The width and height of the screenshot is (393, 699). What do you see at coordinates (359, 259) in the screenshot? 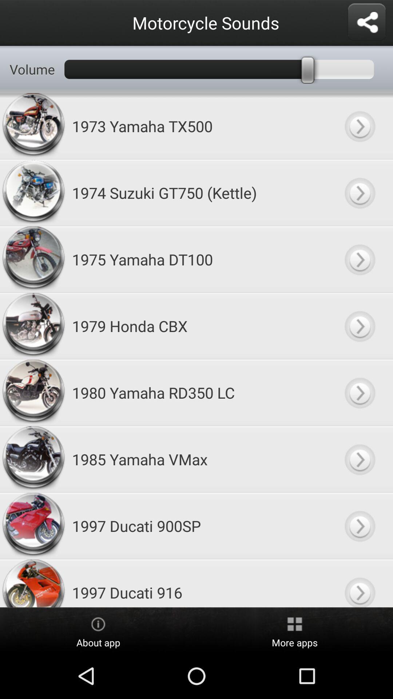
I see `option` at bounding box center [359, 259].